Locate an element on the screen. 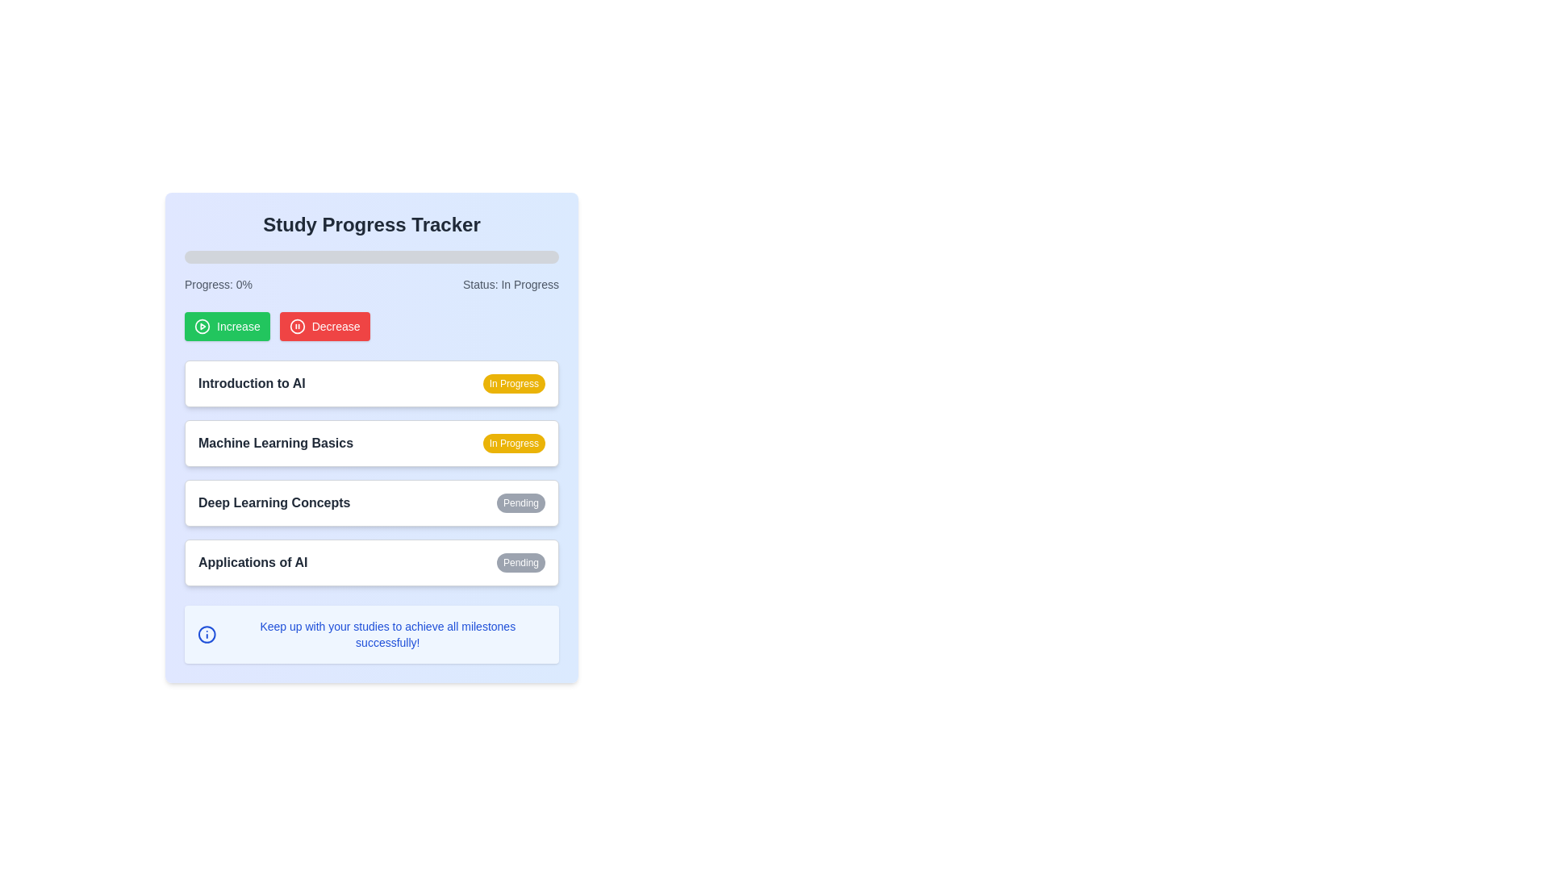 The width and height of the screenshot is (1549, 871). the information displayed in the Text label representing the title of the learning module, located in the second row of the study progress tracker and positioned to the left of the yellow 'In Progress' badge is located at coordinates (275, 444).